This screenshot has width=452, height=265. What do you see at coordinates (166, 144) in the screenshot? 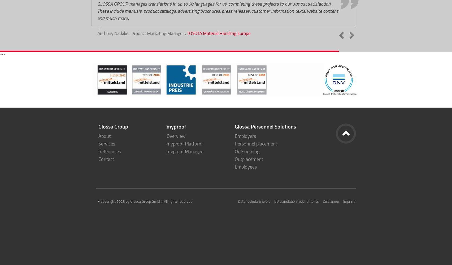
I see `'myproof Platform'` at bounding box center [166, 144].